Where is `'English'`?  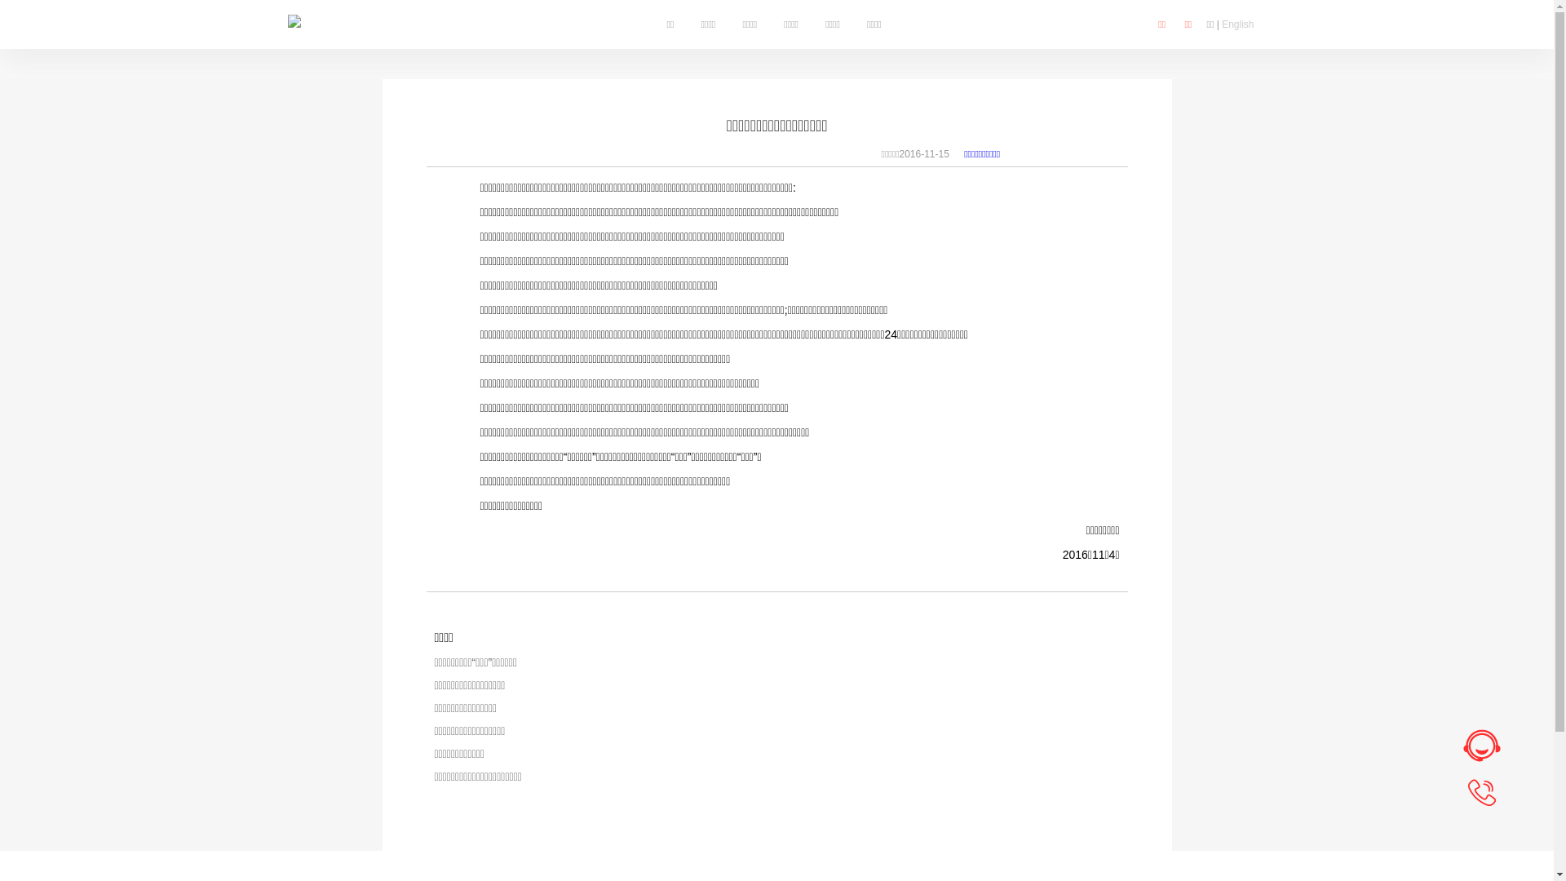
'English' is located at coordinates (1237, 24).